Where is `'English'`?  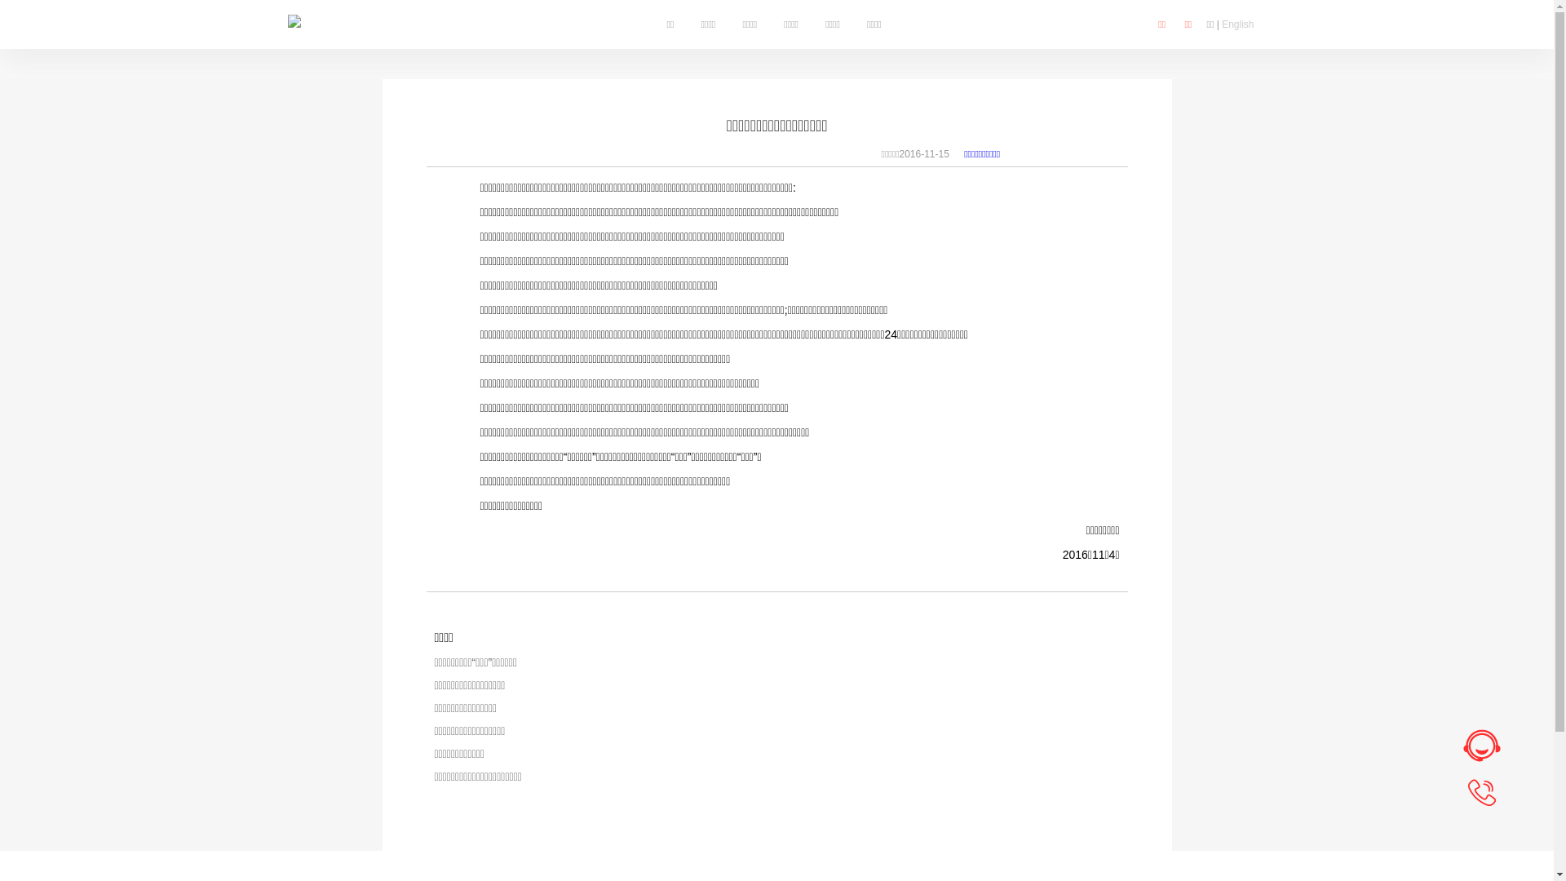
'English' is located at coordinates (1237, 24).